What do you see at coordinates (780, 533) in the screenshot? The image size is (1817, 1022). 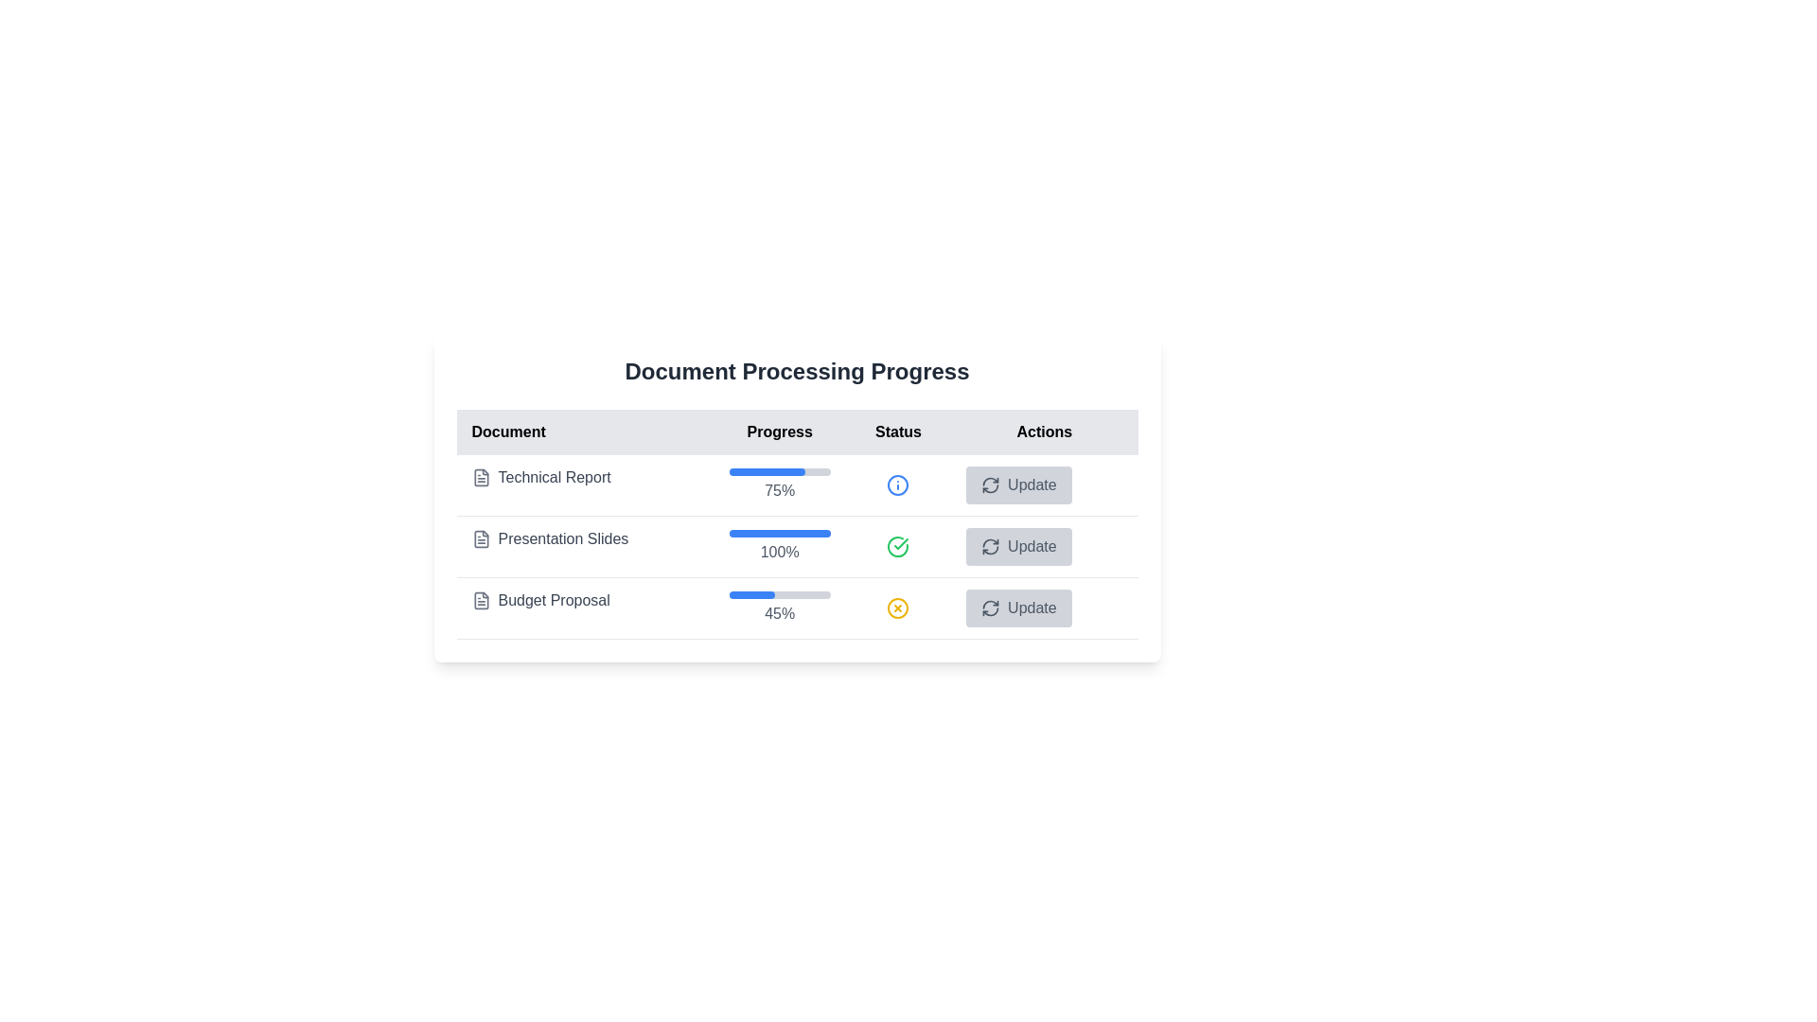 I see `the progress bar associated with the 'Presentation Slides' entry in the 'Progress' column to potentially view tooltips` at bounding box center [780, 533].